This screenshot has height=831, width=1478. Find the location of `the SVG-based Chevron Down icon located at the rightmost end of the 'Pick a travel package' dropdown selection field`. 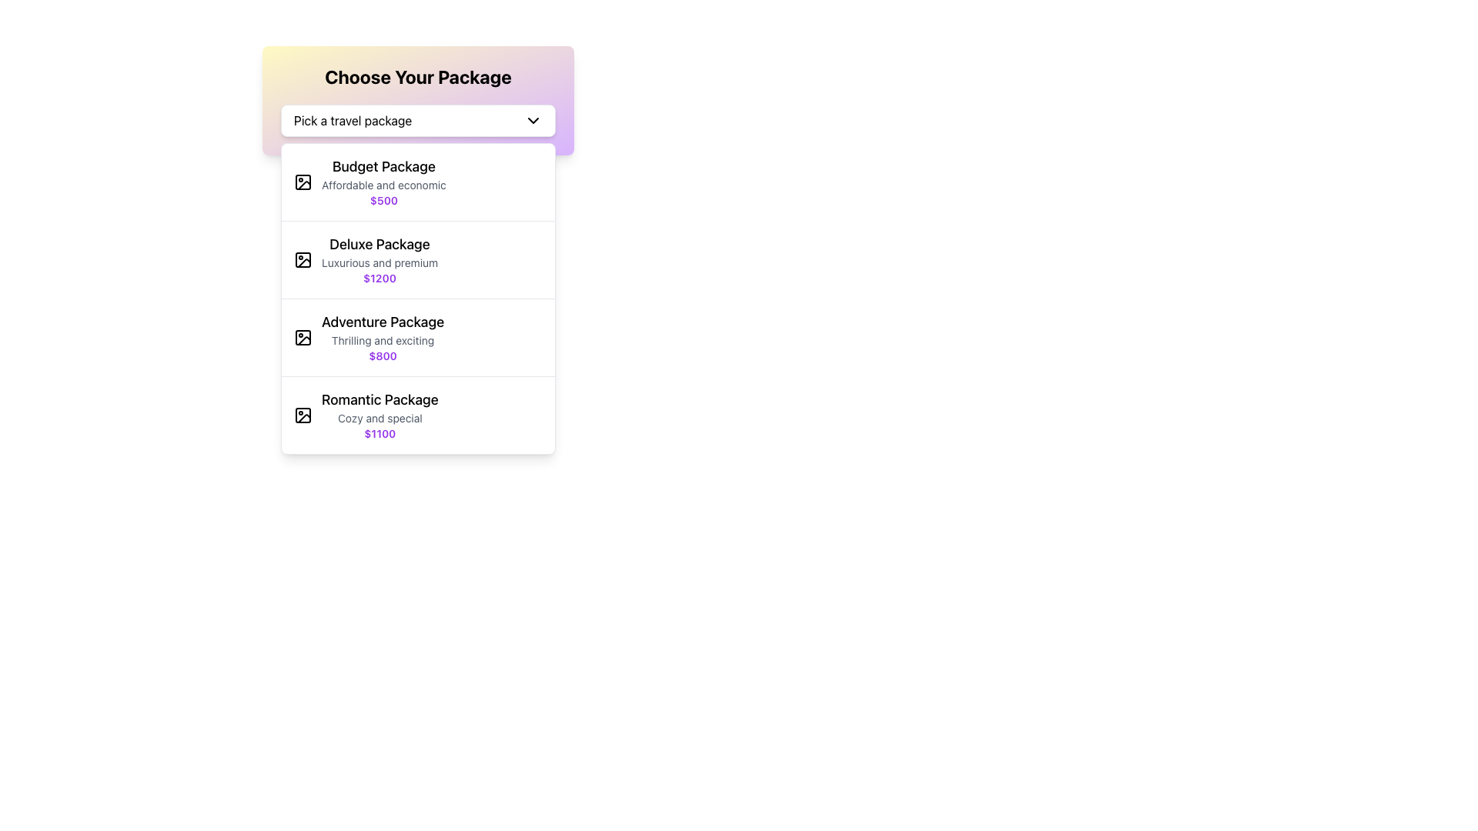

the SVG-based Chevron Down icon located at the rightmost end of the 'Pick a travel package' dropdown selection field is located at coordinates (533, 120).